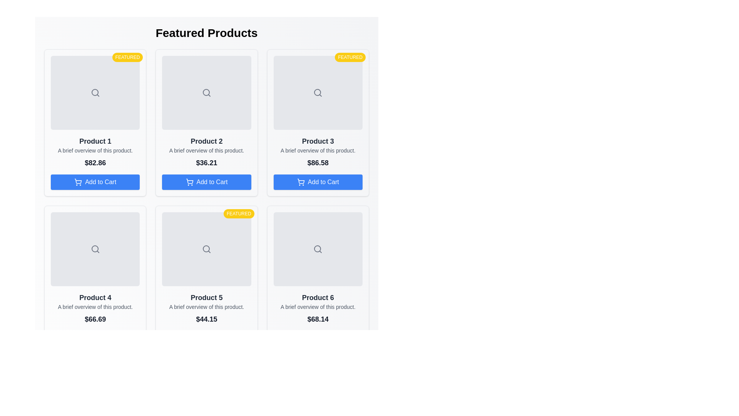 This screenshot has height=416, width=739. I want to click on the 'Product 2' label, which is a bold, dark gray text element styled as the product name, located above the price display in the product panel, so click(207, 141).